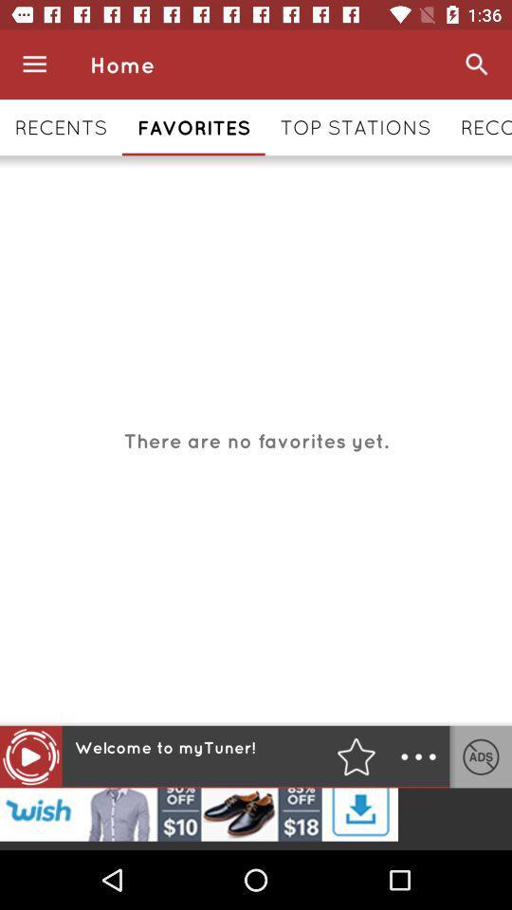 The width and height of the screenshot is (512, 910). Describe the element at coordinates (418, 756) in the screenshot. I see `the more icon` at that location.